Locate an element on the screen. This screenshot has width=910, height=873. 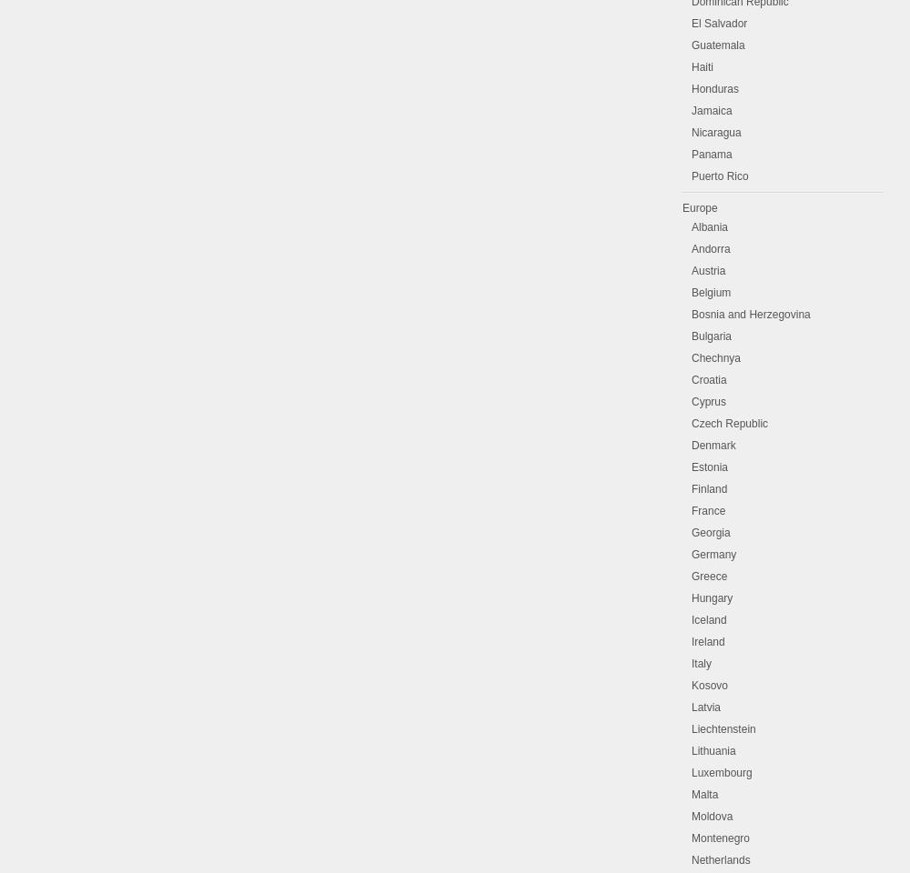
'Italy' is located at coordinates (702, 662).